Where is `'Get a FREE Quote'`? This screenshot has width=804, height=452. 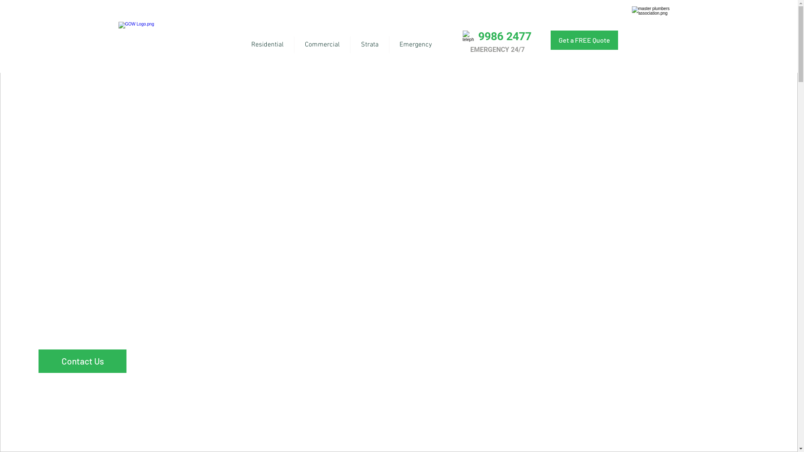 'Get a FREE Quote' is located at coordinates (584, 40).